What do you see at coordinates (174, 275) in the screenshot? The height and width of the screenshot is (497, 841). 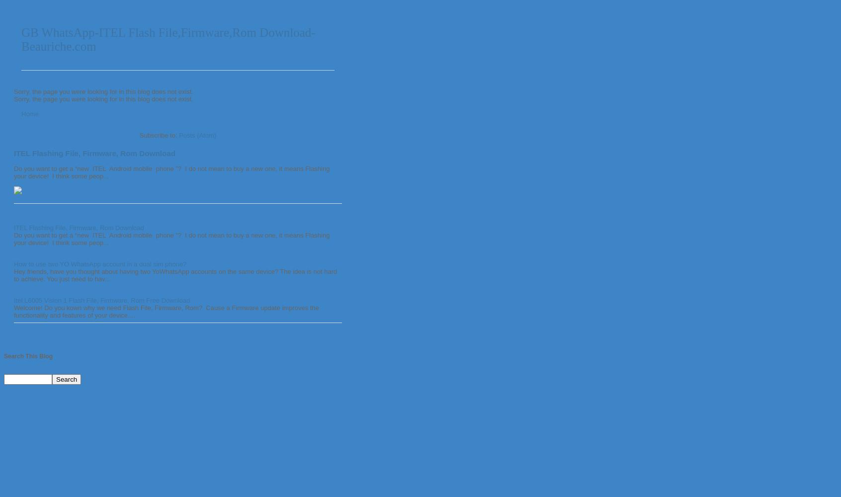 I see `'Hey friends, have you thought about having two YoWhatsApp accounts on the same device? The idea is not hard to achieve. You just need to hav...'` at bounding box center [174, 275].